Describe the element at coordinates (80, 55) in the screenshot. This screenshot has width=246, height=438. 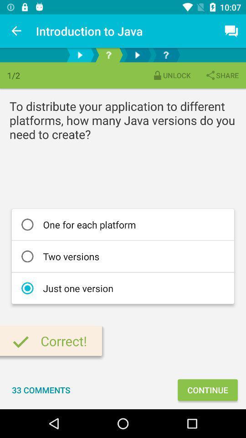
I see `play` at that location.